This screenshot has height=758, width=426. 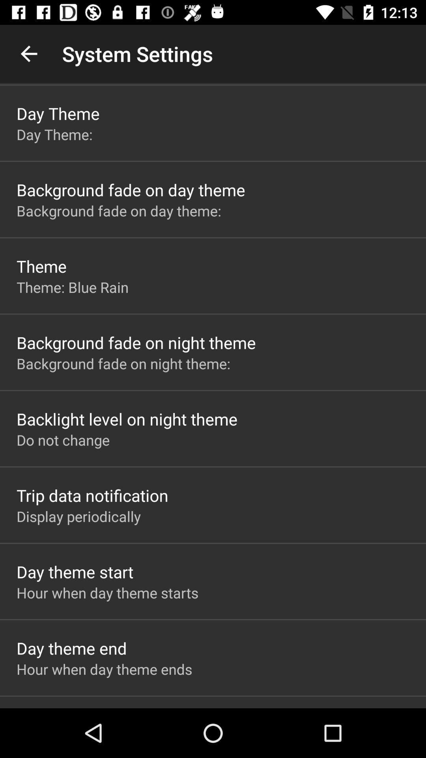 What do you see at coordinates (63, 439) in the screenshot?
I see `do not change icon` at bounding box center [63, 439].